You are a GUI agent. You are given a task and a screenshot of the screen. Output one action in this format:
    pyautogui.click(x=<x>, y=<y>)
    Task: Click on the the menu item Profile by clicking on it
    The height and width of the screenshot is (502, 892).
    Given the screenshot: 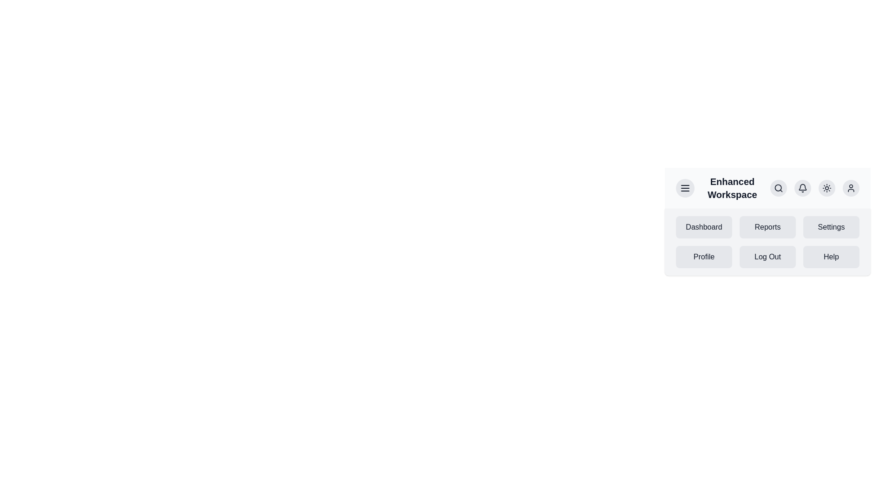 What is the action you would take?
    pyautogui.click(x=704, y=257)
    